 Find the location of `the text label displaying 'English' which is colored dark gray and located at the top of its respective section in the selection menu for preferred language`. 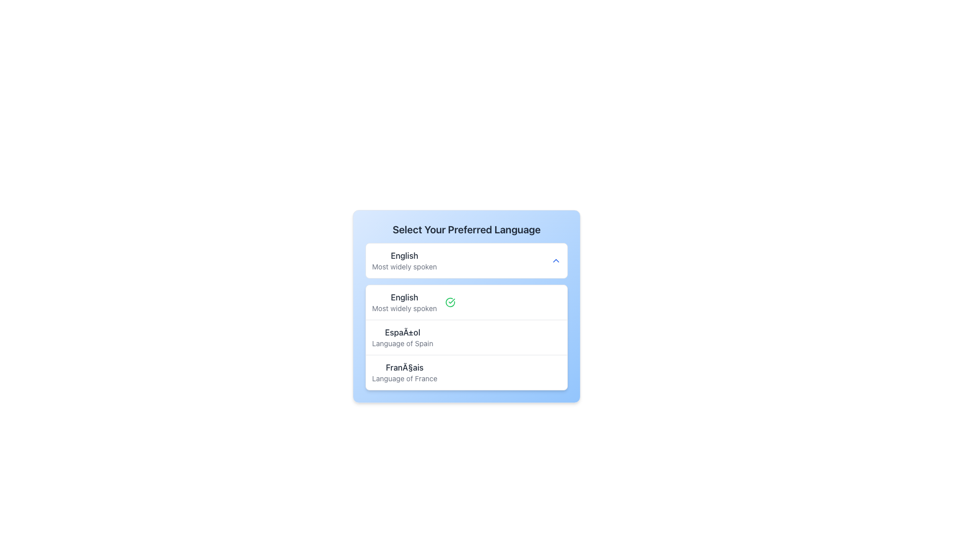

the text label displaying 'English' which is colored dark gray and located at the top of its respective section in the selection menu for preferred language is located at coordinates (404, 255).